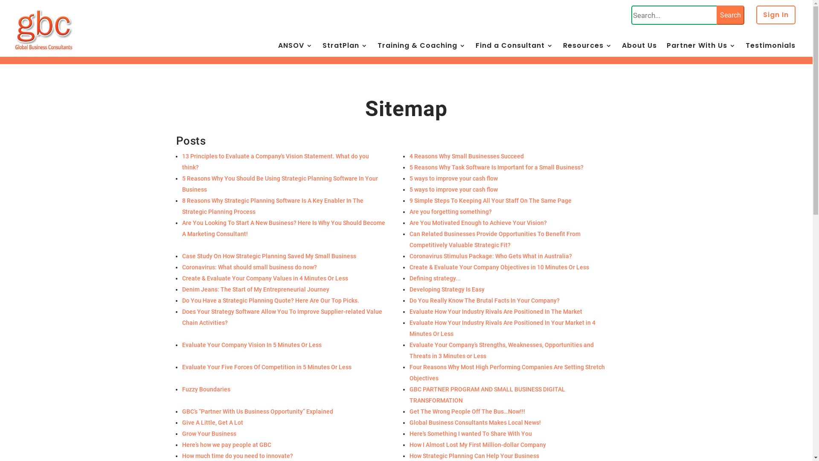 The width and height of the screenshot is (819, 461). I want to click on 'Sign In', so click(776, 19).